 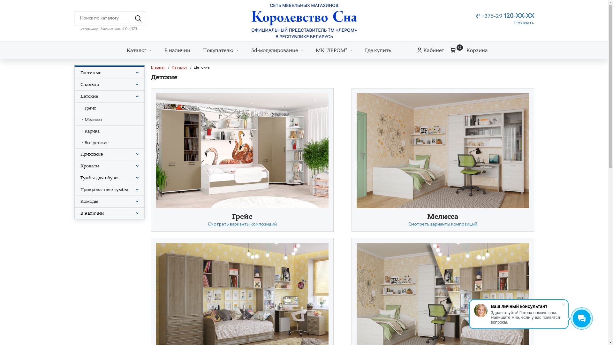 I want to click on '+375-29 120-XX-XX', so click(x=476, y=16).